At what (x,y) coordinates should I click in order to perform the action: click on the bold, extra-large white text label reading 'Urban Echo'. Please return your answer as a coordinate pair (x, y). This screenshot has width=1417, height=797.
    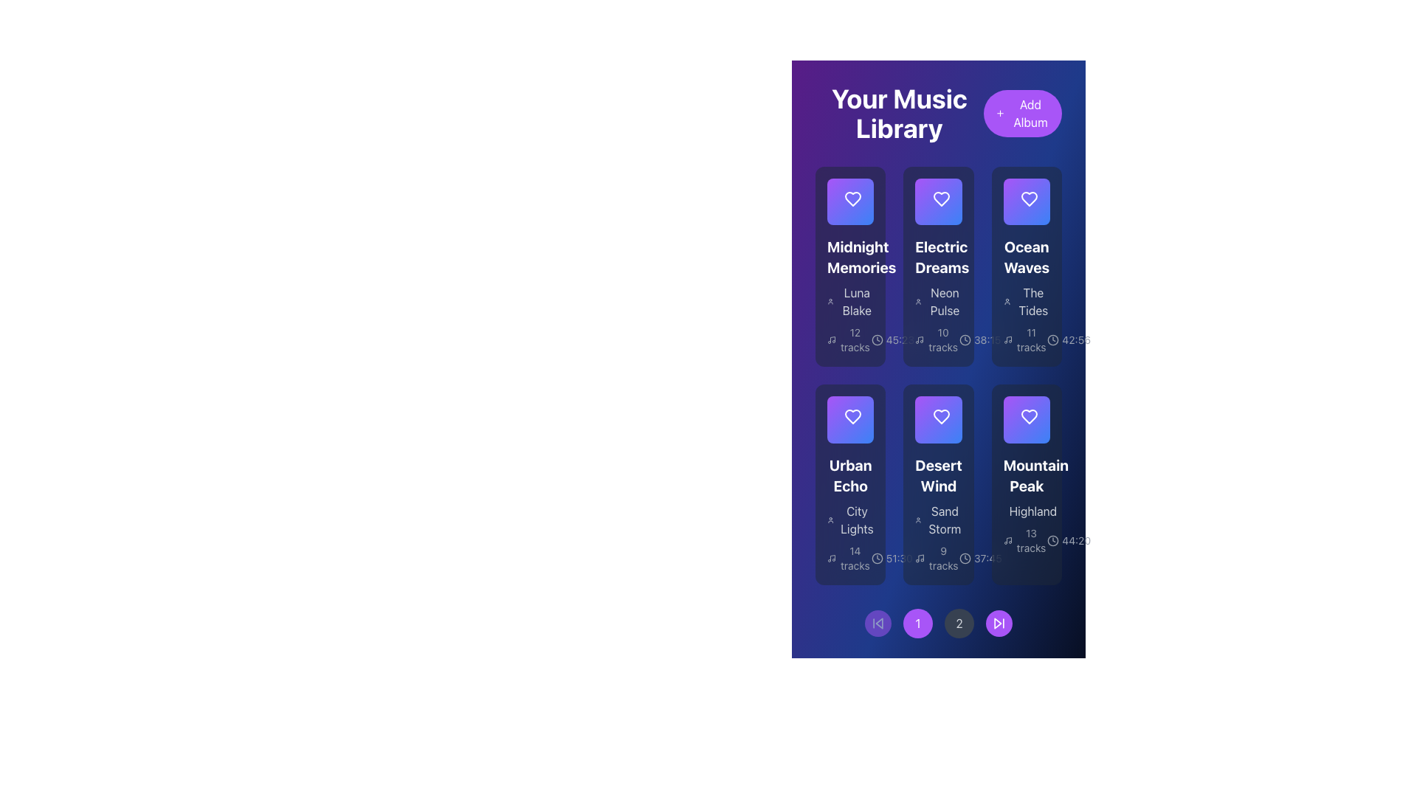
    Looking at the image, I should click on (850, 475).